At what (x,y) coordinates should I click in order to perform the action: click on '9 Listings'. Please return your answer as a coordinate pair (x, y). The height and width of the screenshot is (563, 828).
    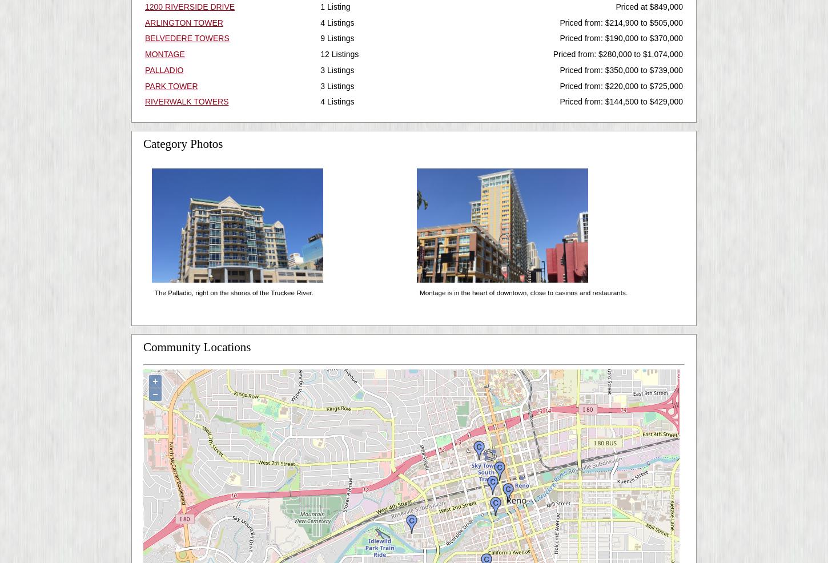
    Looking at the image, I should click on (337, 38).